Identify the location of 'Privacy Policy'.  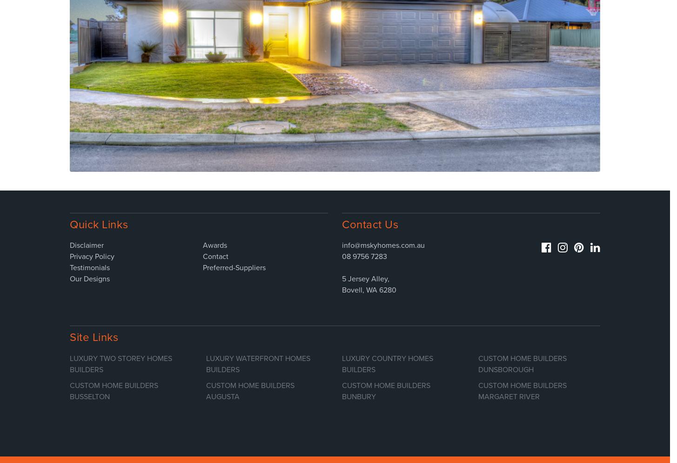
(92, 256).